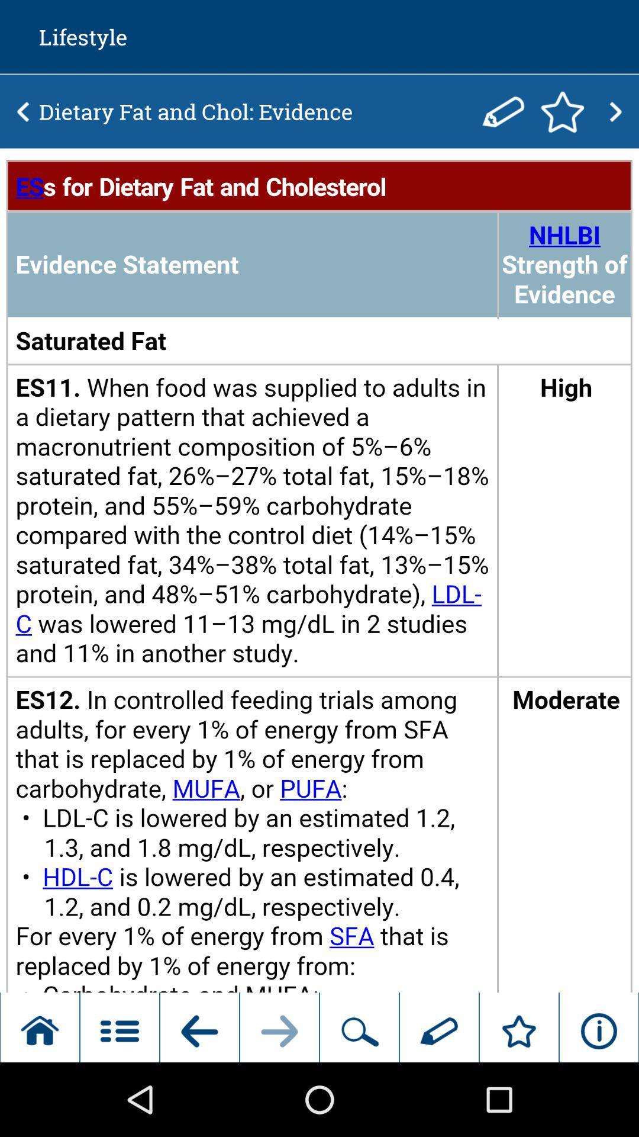 The image size is (639, 1137). Describe the element at coordinates (615, 111) in the screenshot. I see `forward` at that location.